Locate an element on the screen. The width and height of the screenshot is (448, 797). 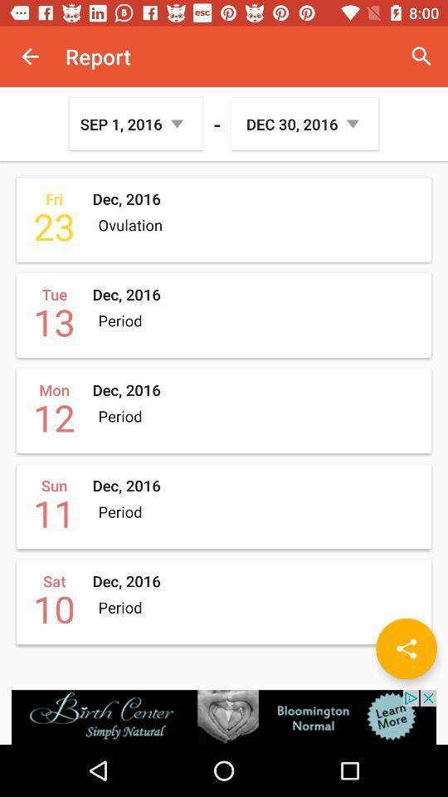
advertisement page is located at coordinates (224, 716).